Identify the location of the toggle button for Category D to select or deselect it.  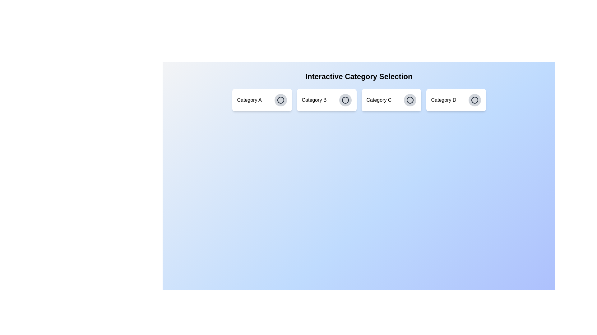
(474, 100).